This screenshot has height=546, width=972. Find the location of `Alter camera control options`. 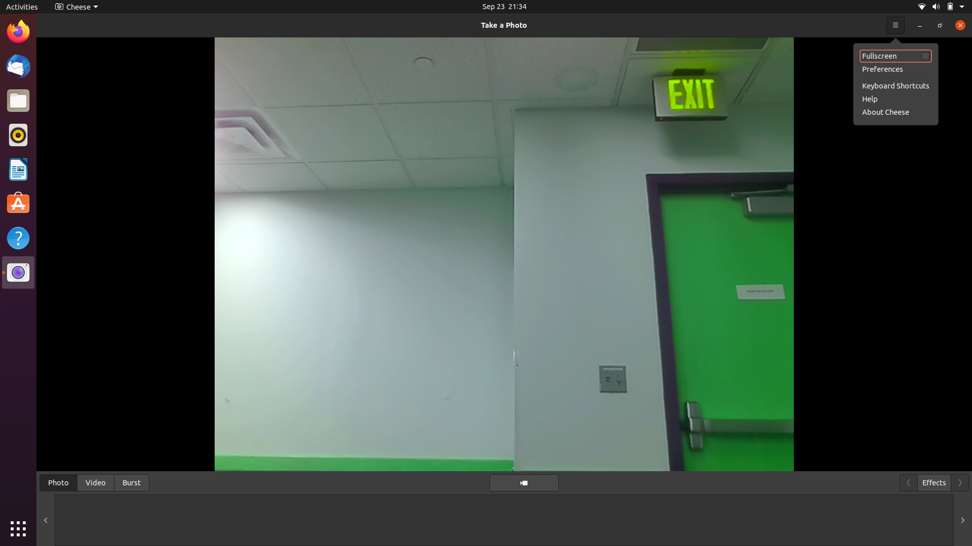

Alter camera control options is located at coordinates (74, 6).